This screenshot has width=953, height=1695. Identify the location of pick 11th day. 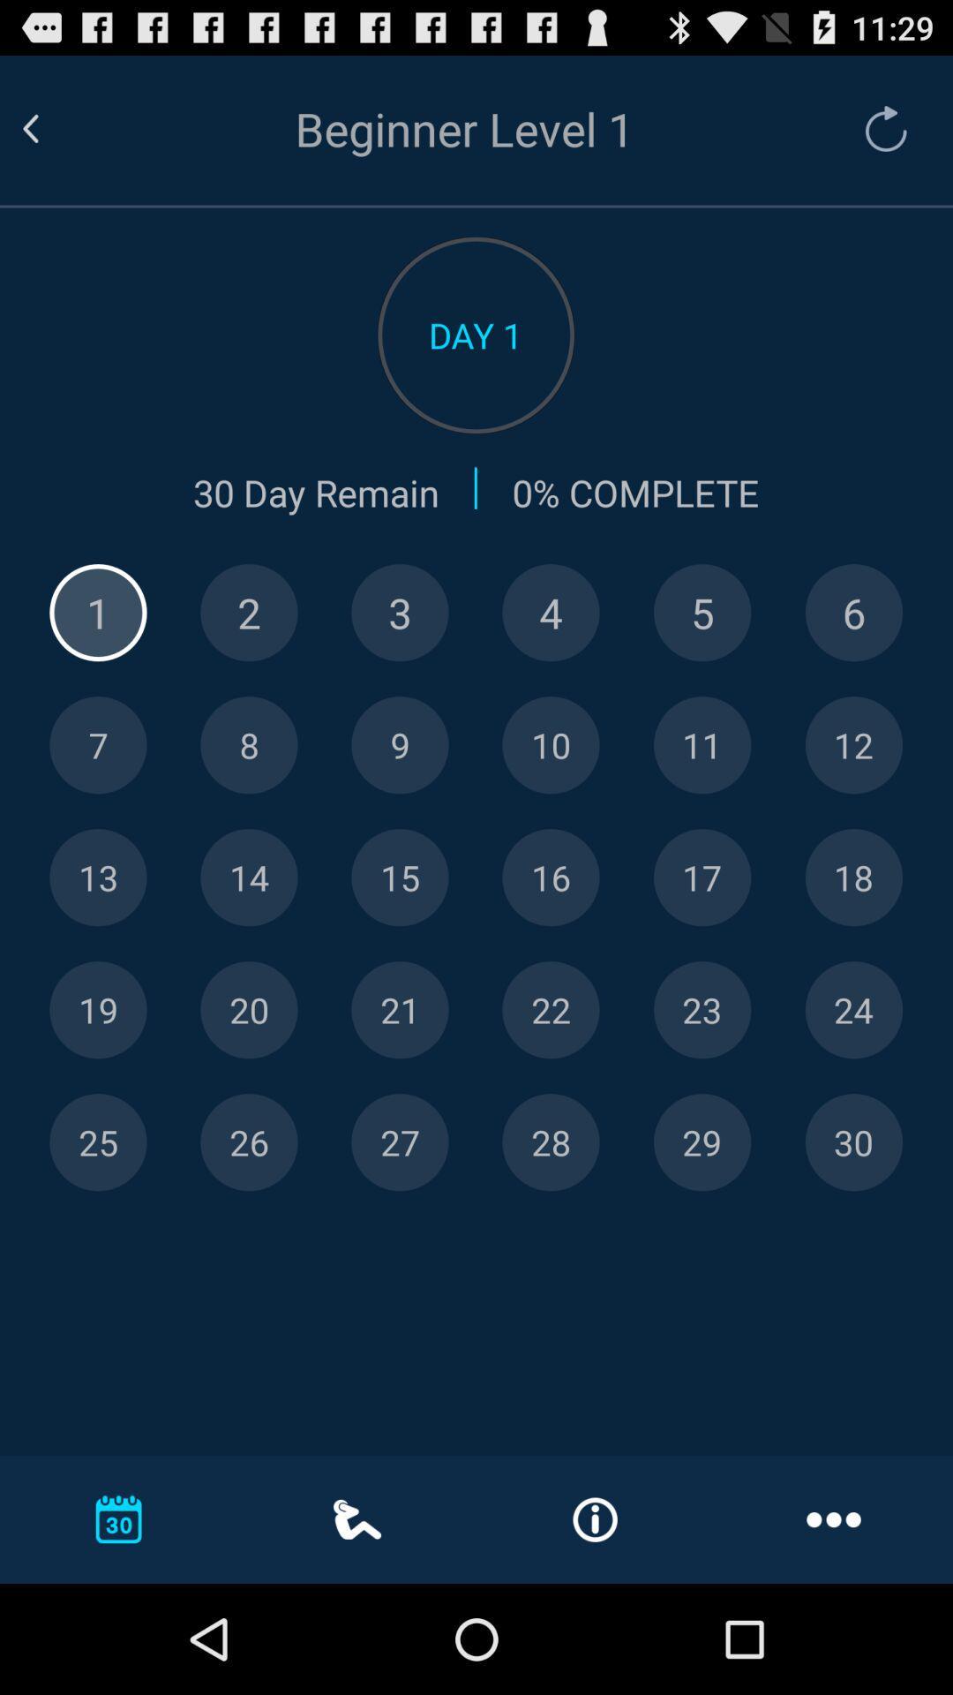
(702, 745).